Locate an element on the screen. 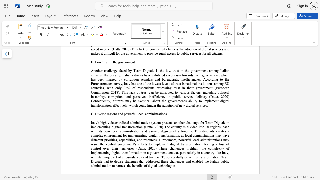  the 30th character "n" in the text is located at coordinates (139, 140).